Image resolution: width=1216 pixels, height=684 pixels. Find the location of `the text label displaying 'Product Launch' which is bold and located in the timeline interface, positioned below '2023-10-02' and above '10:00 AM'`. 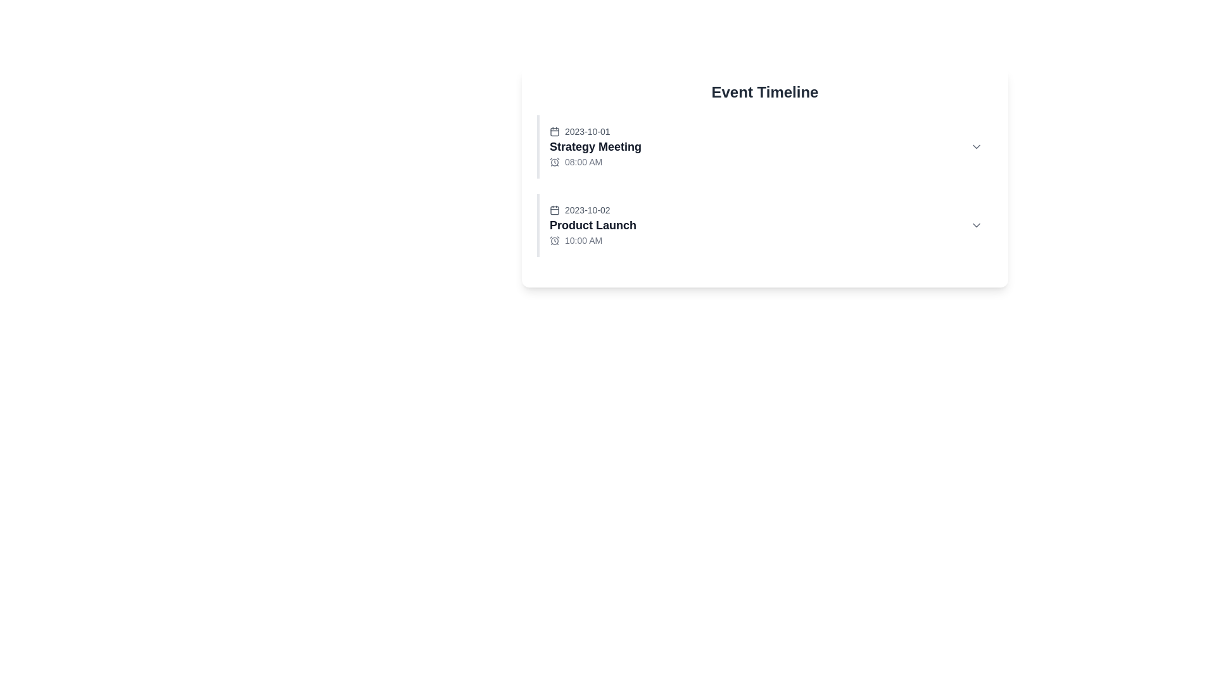

the text label displaying 'Product Launch' which is bold and located in the timeline interface, positioned below '2023-10-02' and above '10:00 AM' is located at coordinates (592, 224).